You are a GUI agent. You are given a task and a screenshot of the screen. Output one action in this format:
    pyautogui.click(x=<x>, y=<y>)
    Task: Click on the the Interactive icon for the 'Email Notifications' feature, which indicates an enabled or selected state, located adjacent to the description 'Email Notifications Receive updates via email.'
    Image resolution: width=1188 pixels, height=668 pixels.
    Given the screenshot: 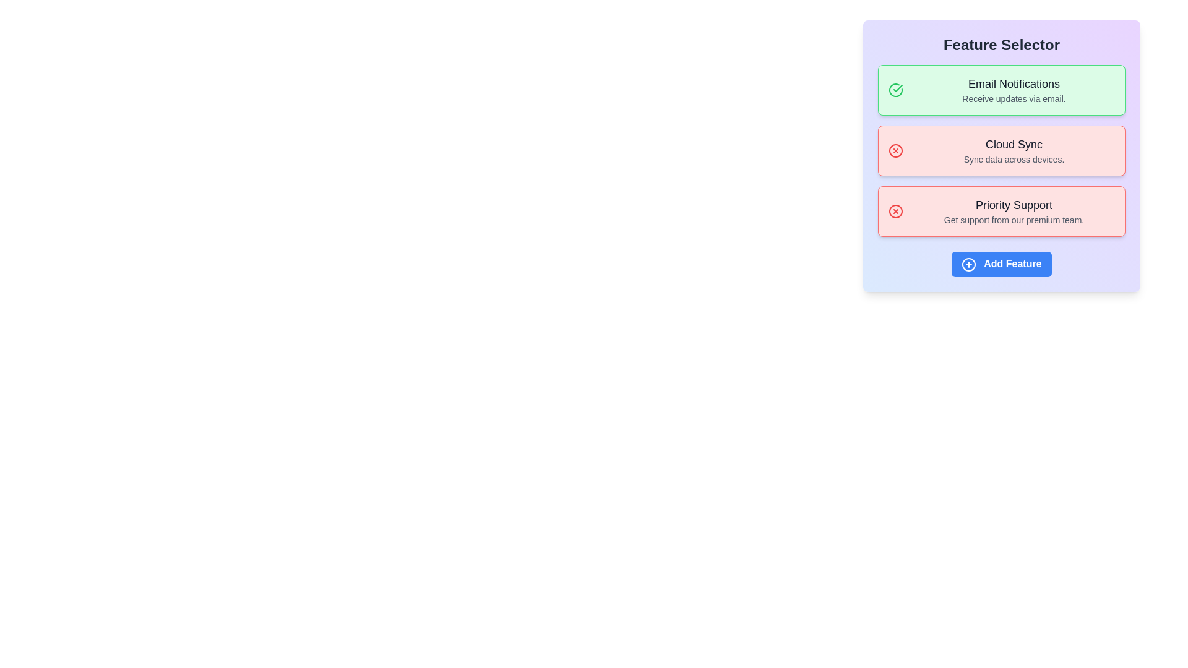 What is the action you would take?
    pyautogui.click(x=896, y=90)
    